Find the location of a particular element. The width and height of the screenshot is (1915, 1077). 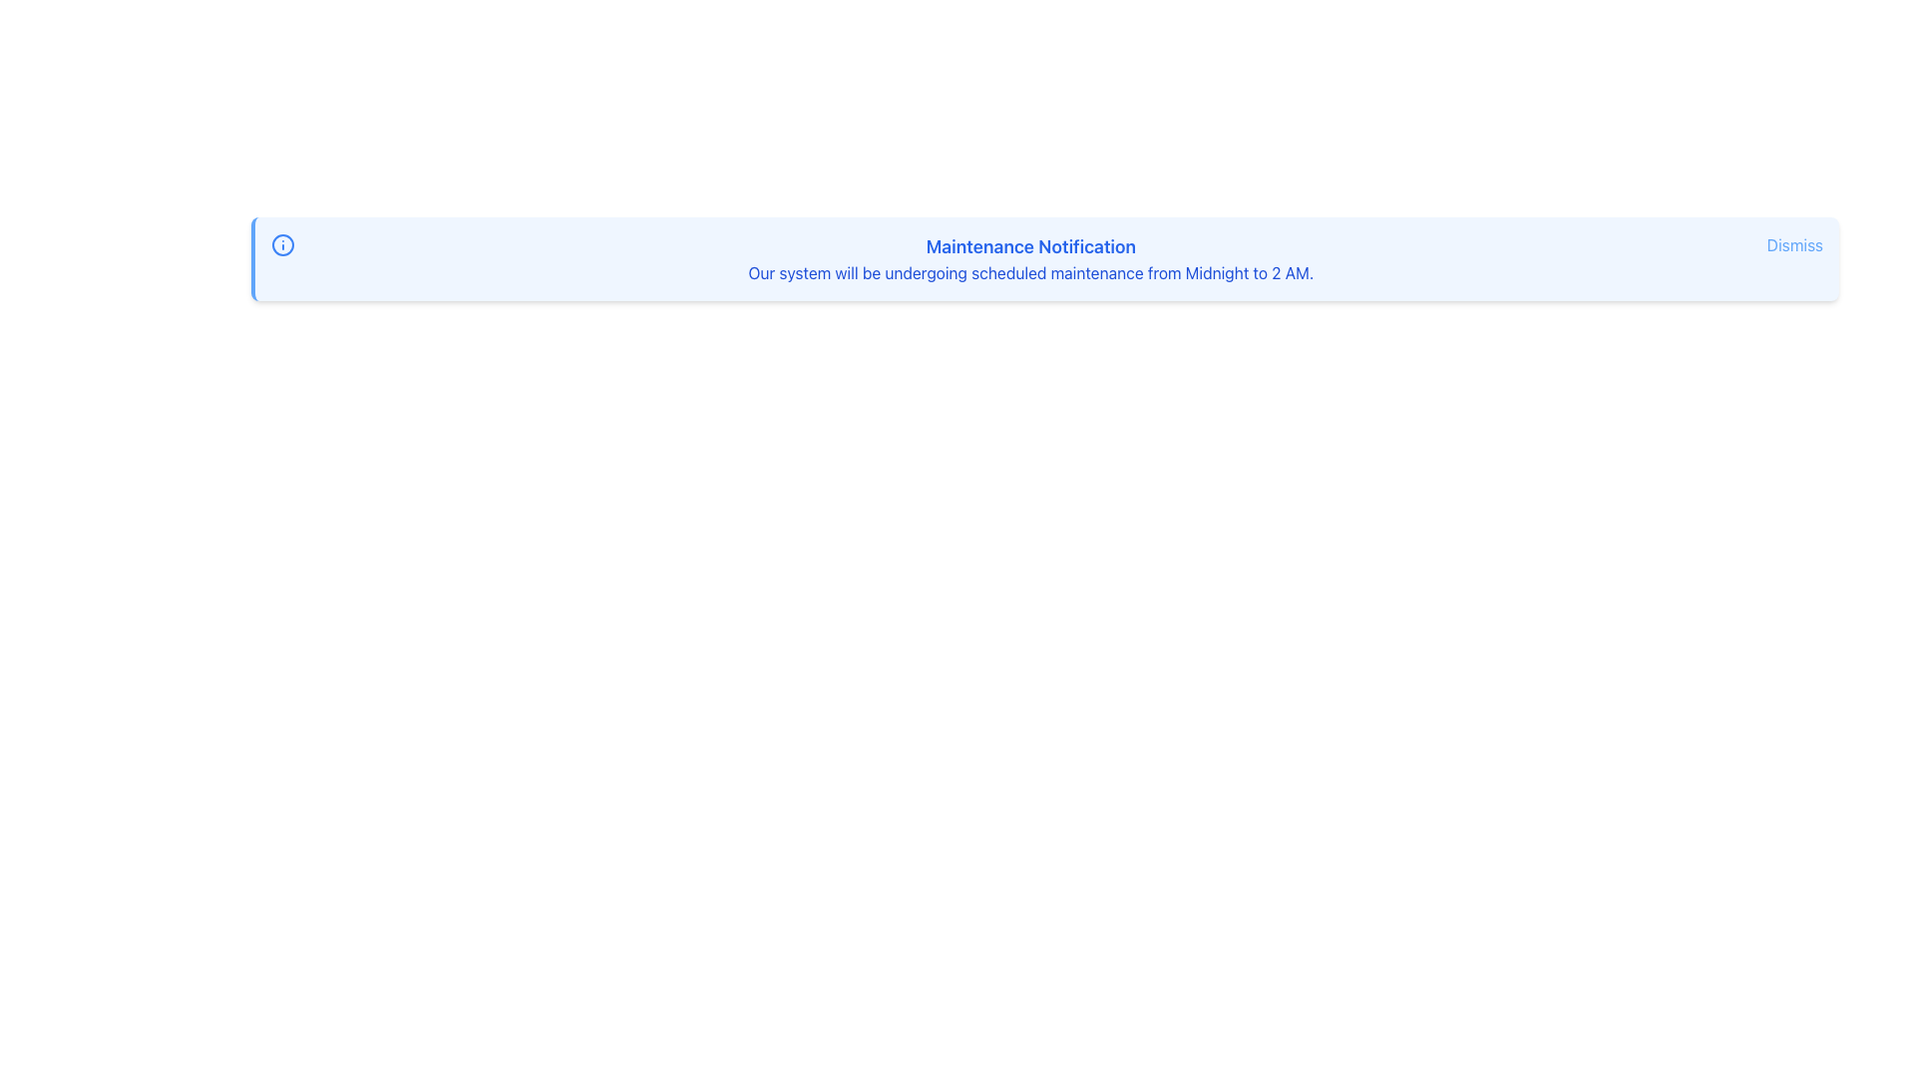

the 'Dismiss' link styled with a blue font color in the notification bar is located at coordinates (1794, 244).